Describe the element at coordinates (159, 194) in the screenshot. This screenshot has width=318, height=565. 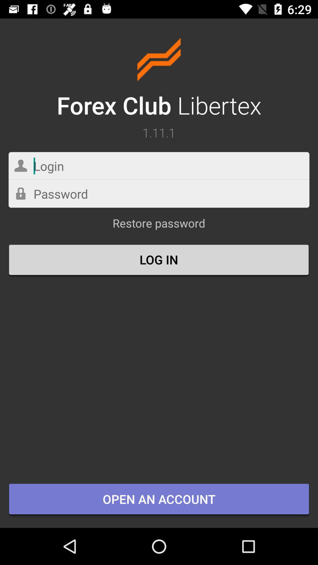
I see `account created` at that location.